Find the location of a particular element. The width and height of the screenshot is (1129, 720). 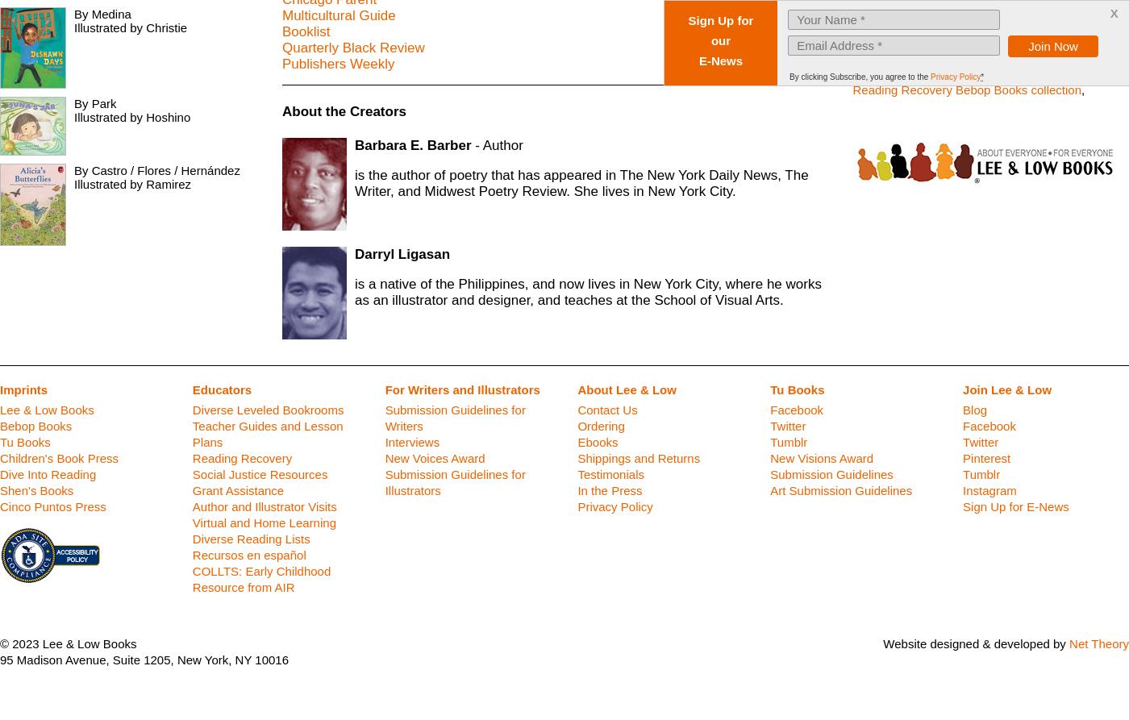

'Ebooks' is located at coordinates (598, 441).